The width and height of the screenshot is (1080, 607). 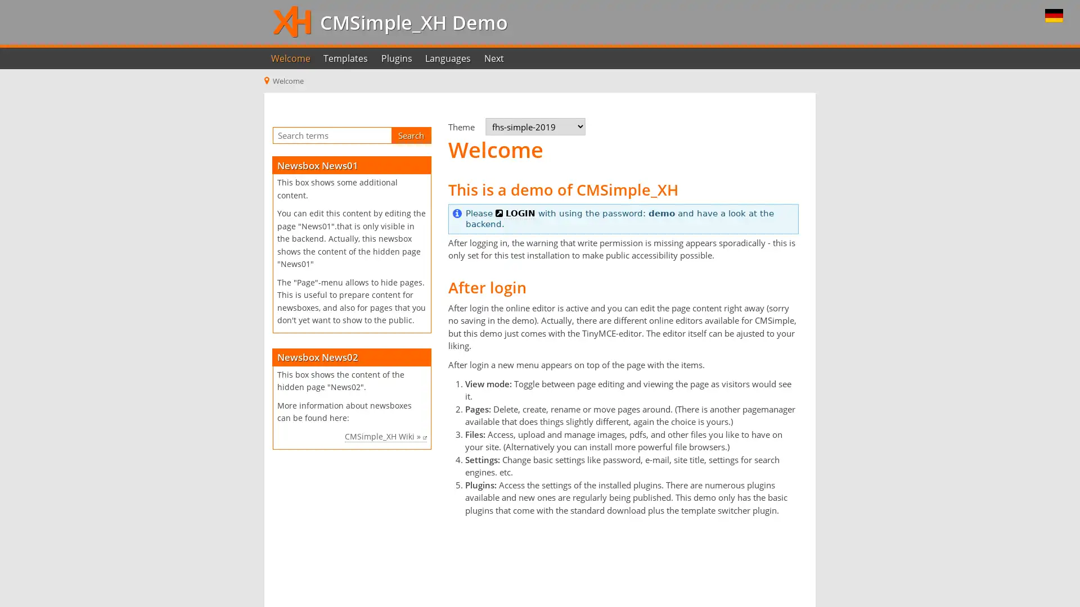 I want to click on Search, so click(x=410, y=134).